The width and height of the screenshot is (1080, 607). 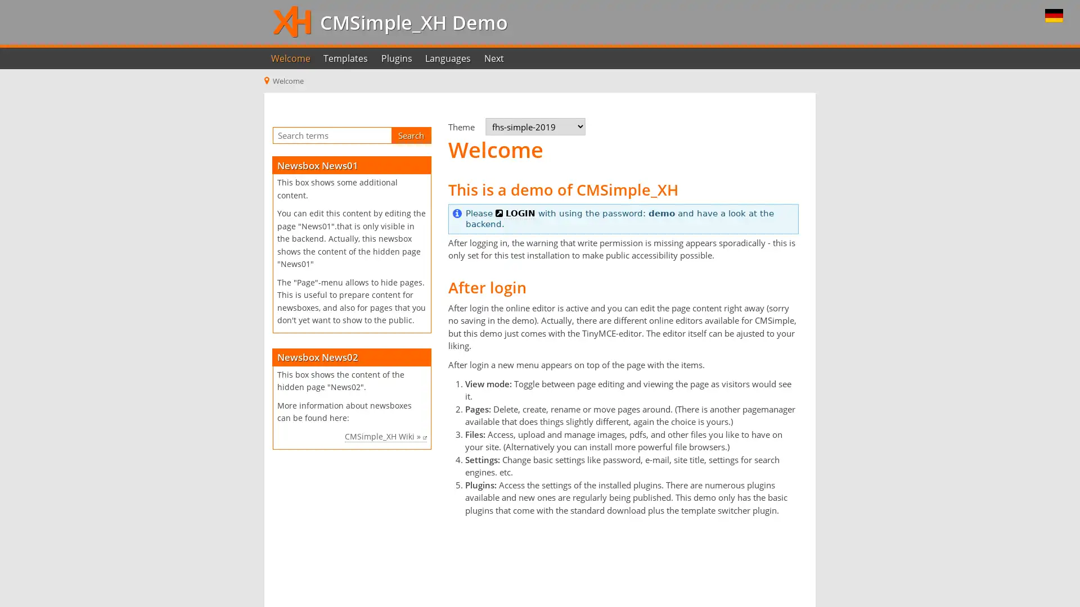 I want to click on Search, so click(x=410, y=134).